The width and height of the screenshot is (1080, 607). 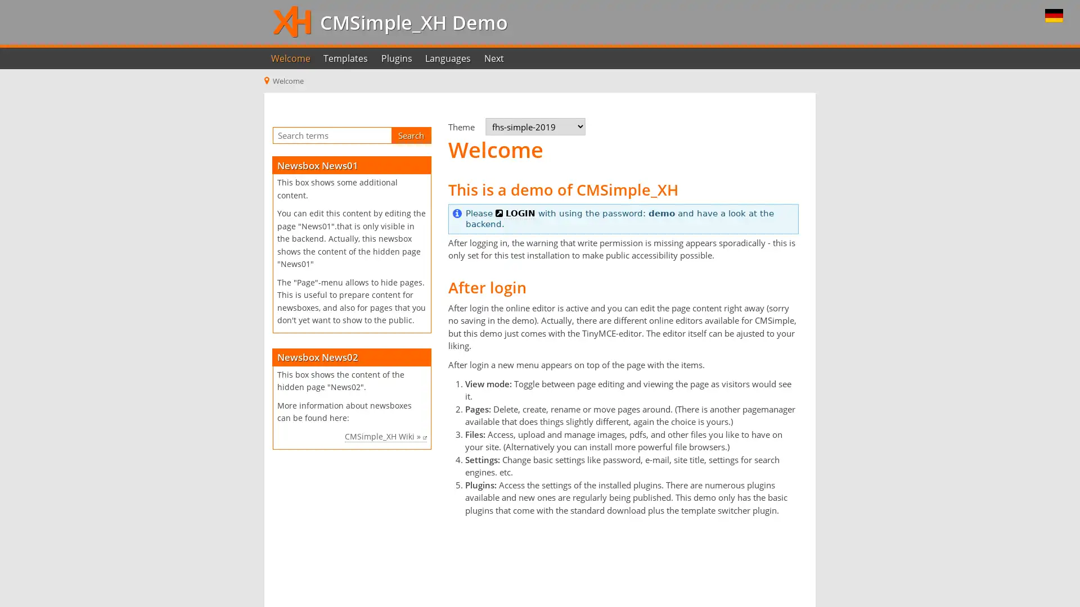 I want to click on Search, so click(x=410, y=134).